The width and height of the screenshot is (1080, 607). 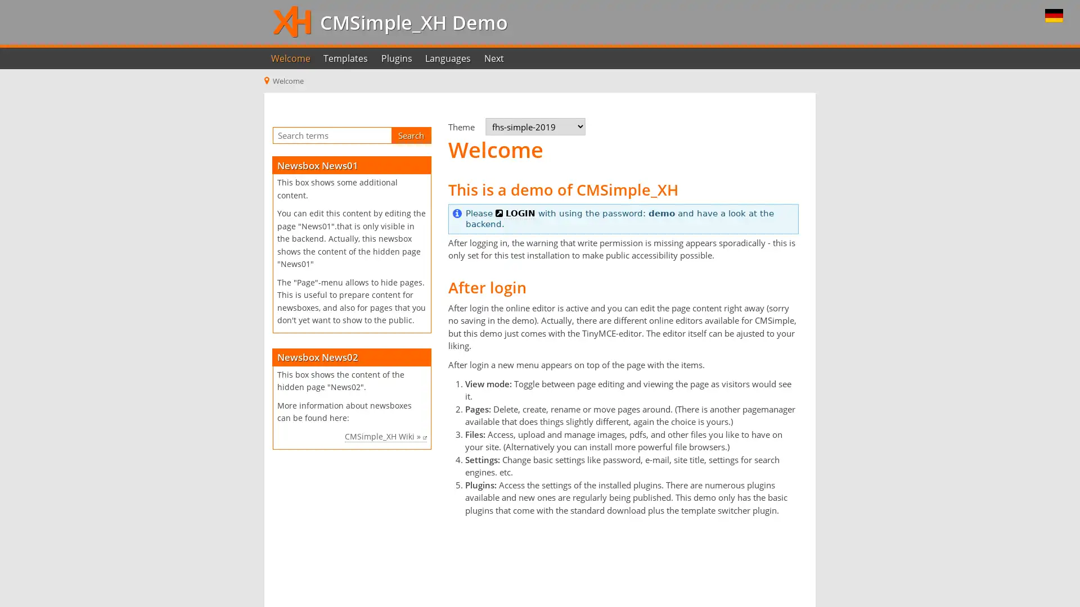 I want to click on Search, so click(x=410, y=134).